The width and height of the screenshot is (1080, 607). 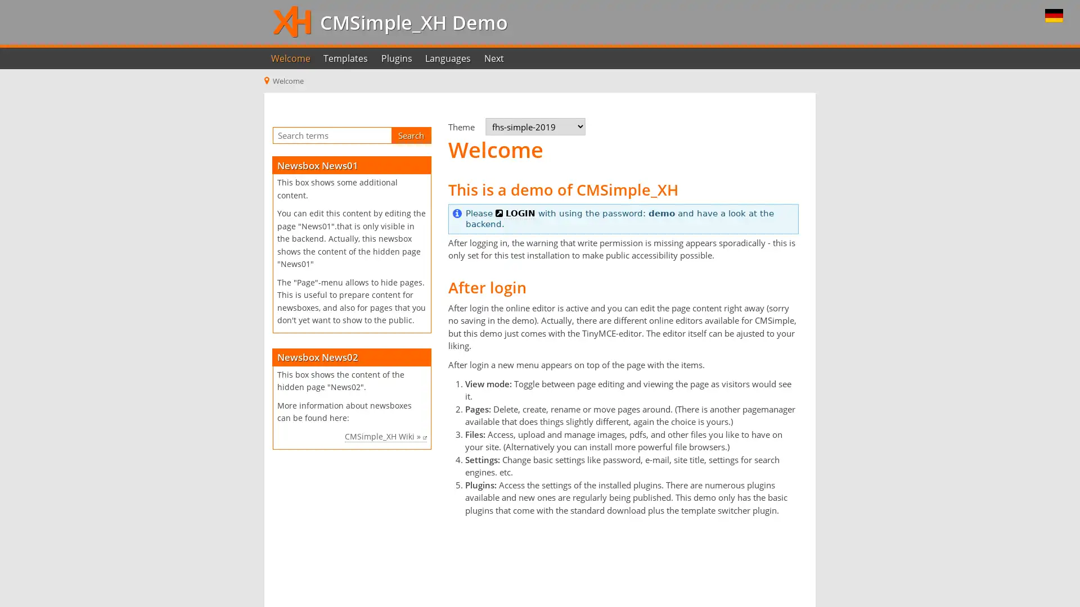 I want to click on Search, so click(x=410, y=134).